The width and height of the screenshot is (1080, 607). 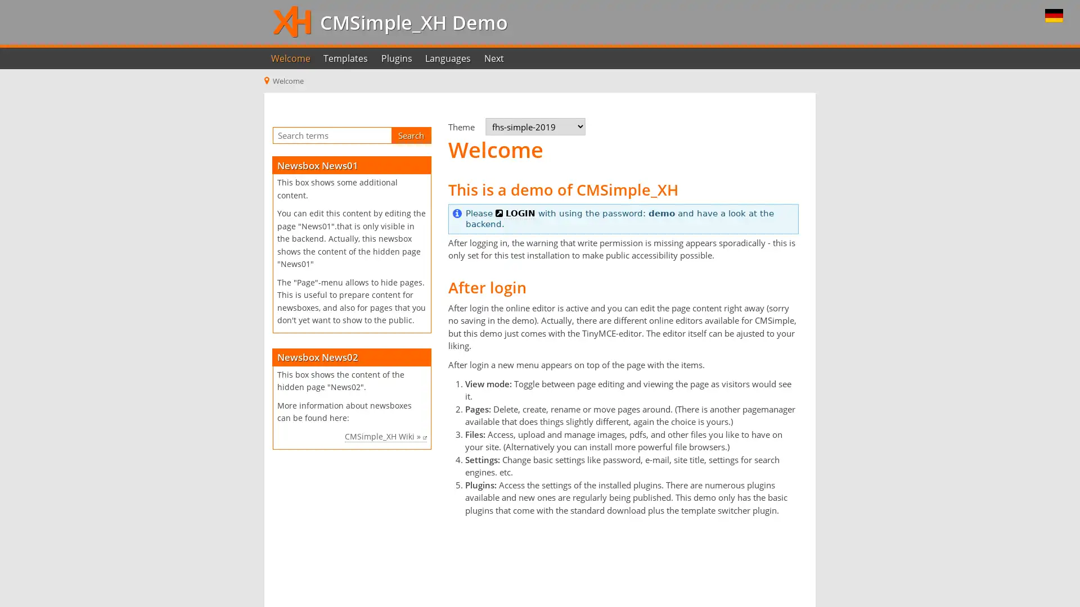 I want to click on Search, so click(x=410, y=134).